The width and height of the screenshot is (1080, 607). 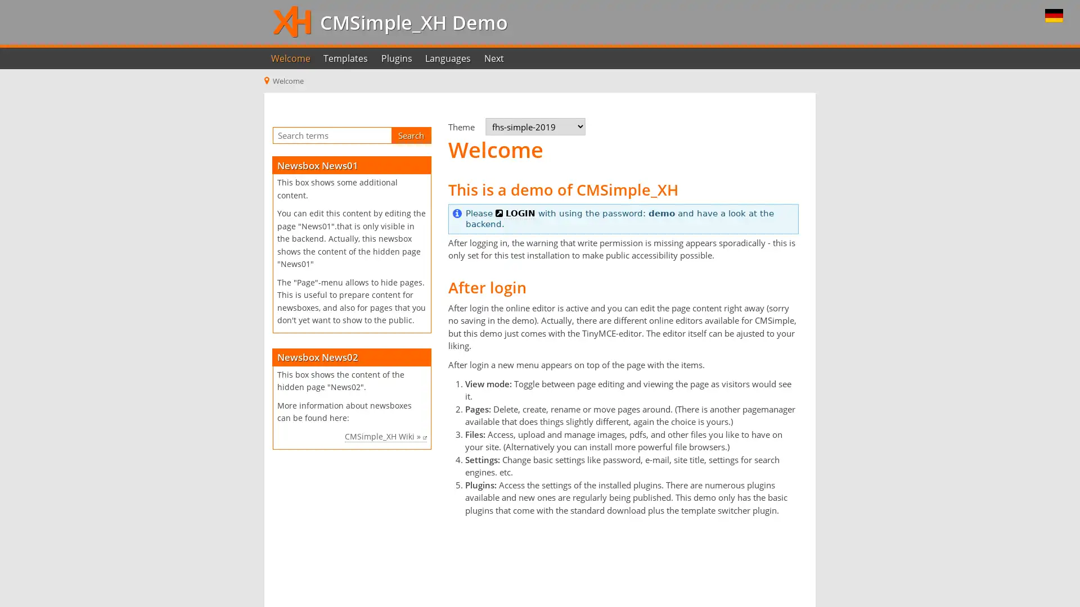 I want to click on Search, so click(x=410, y=134).